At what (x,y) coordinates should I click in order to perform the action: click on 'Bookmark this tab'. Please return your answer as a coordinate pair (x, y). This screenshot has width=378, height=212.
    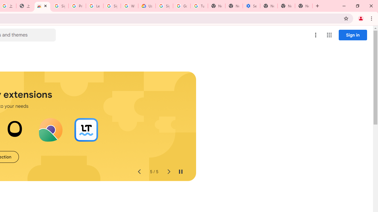
    Looking at the image, I should click on (346, 18).